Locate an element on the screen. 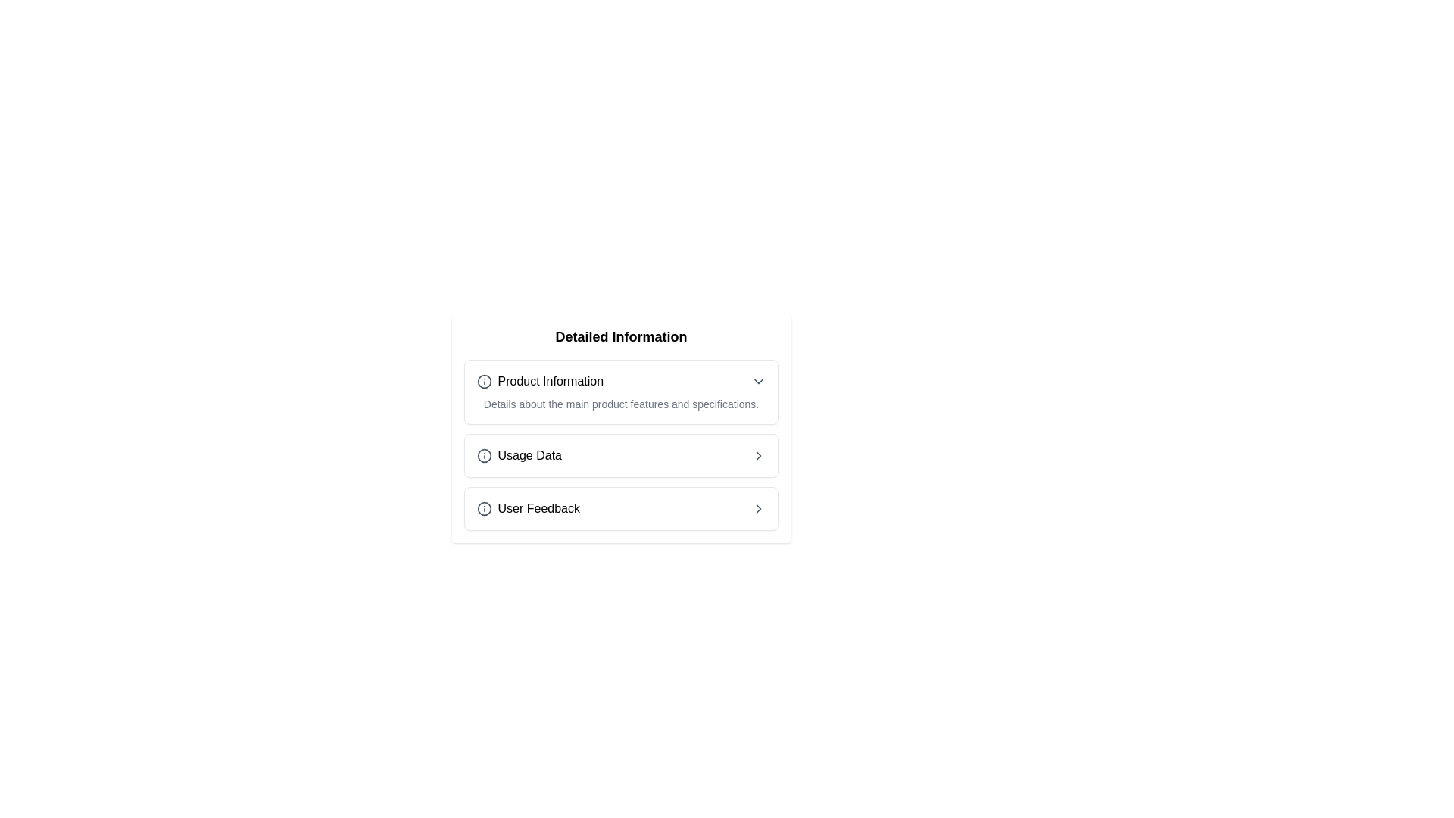 The width and height of the screenshot is (1454, 818). the circular SVG graphical element that is part of the icon next to the 'Product Information' text is located at coordinates (483, 454).